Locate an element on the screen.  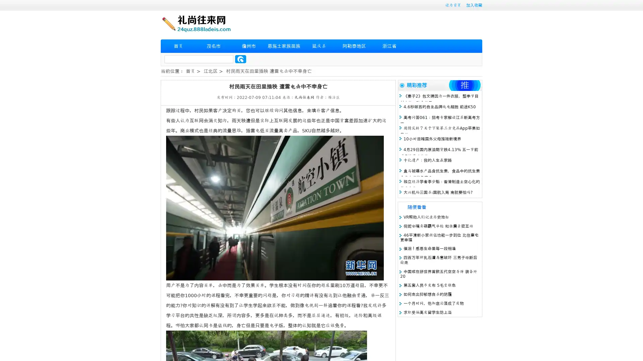
Search is located at coordinates (240, 59).